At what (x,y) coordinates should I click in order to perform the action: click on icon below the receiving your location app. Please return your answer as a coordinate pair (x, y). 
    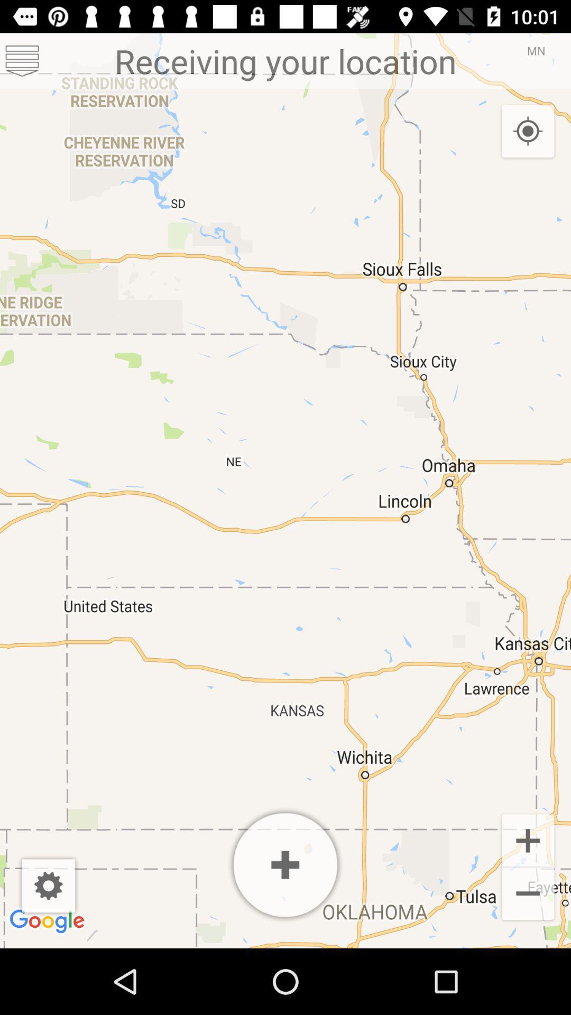
    Looking at the image, I should click on (528, 131).